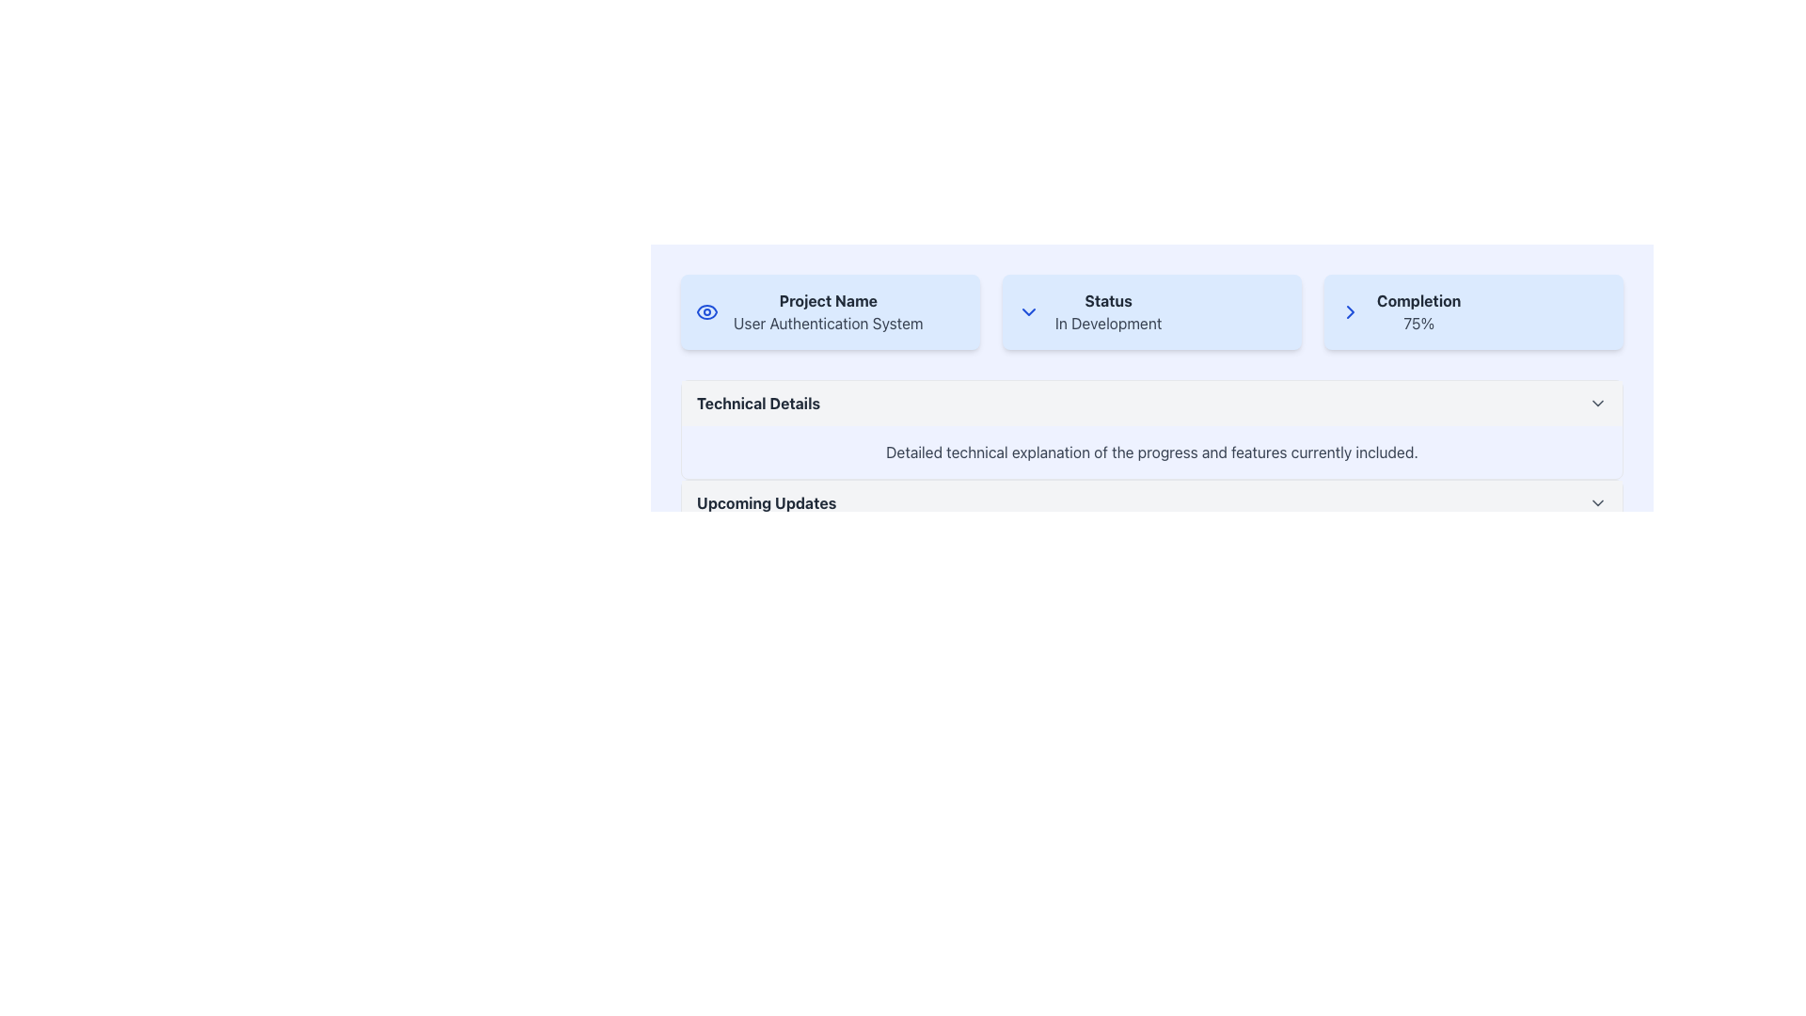  What do you see at coordinates (1028, 310) in the screenshot?
I see `the downward-pointing chevron icon styled in blue, which is located within a rounded light blue background before the text 'Status' and 'In Development'` at bounding box center [1028, 310].